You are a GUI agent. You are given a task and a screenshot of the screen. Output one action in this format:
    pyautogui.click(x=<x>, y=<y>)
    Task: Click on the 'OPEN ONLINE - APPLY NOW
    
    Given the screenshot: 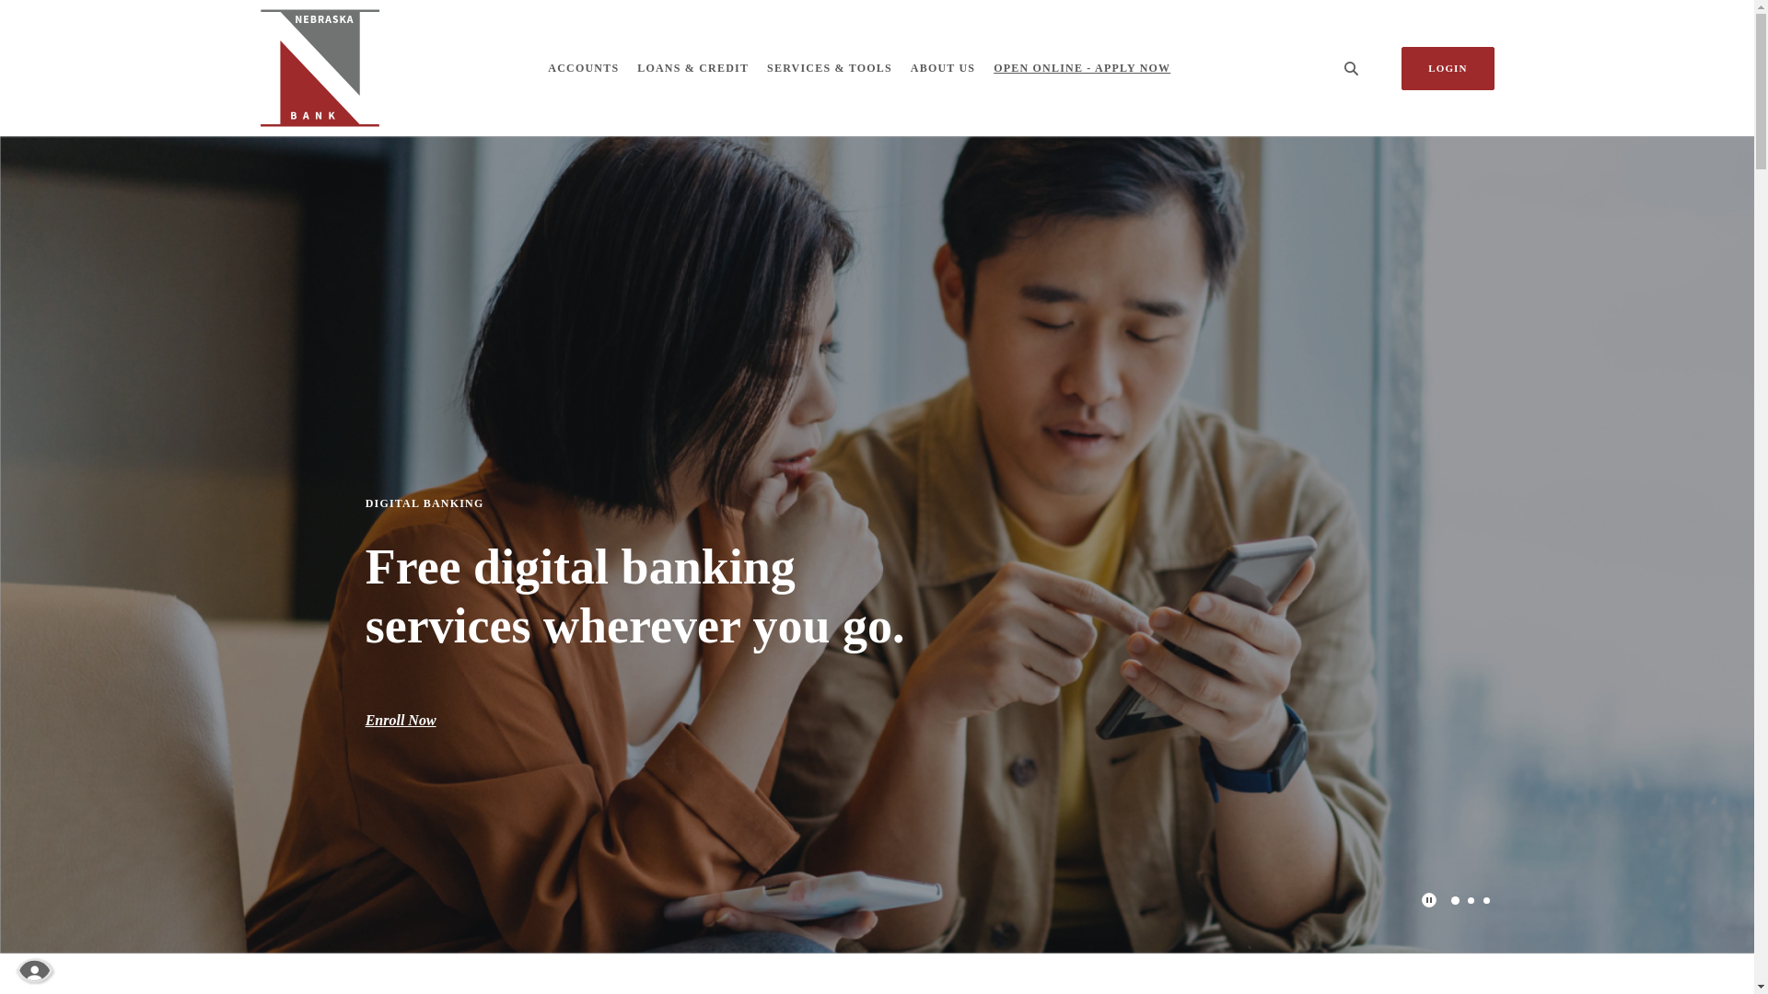 What is the action you would take?
    pyautogui.click(x=1082, y=66)
    